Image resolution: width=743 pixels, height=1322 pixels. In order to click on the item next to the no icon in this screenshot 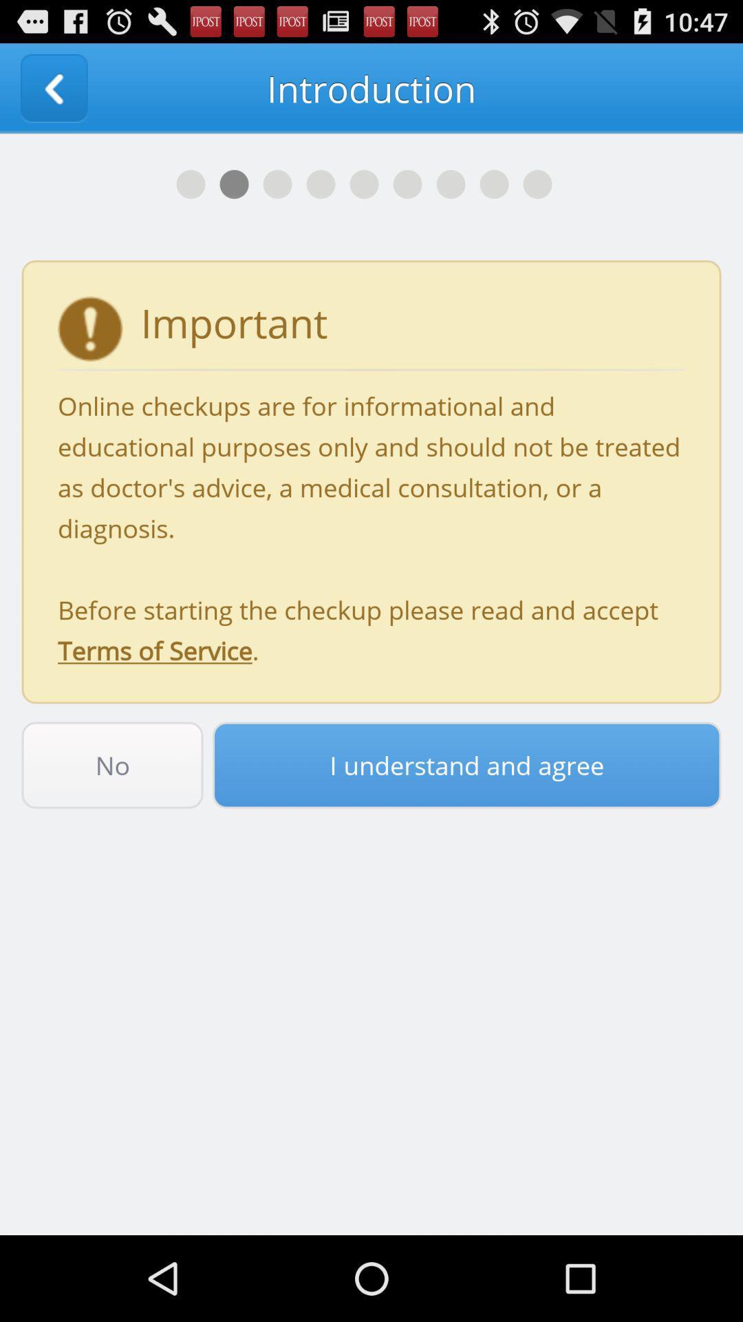, I will do `click(466, 764)`.